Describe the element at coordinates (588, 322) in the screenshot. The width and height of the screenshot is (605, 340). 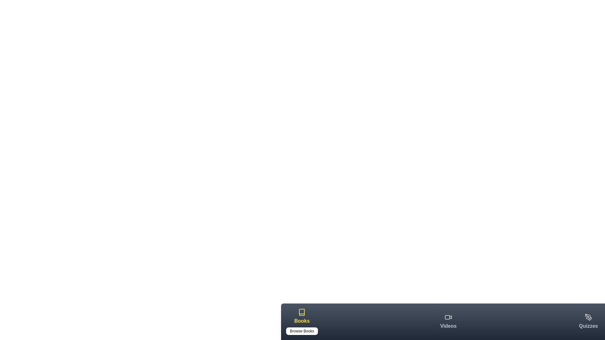
I see `the Quizzes tab in the bottom navigation` at that location.